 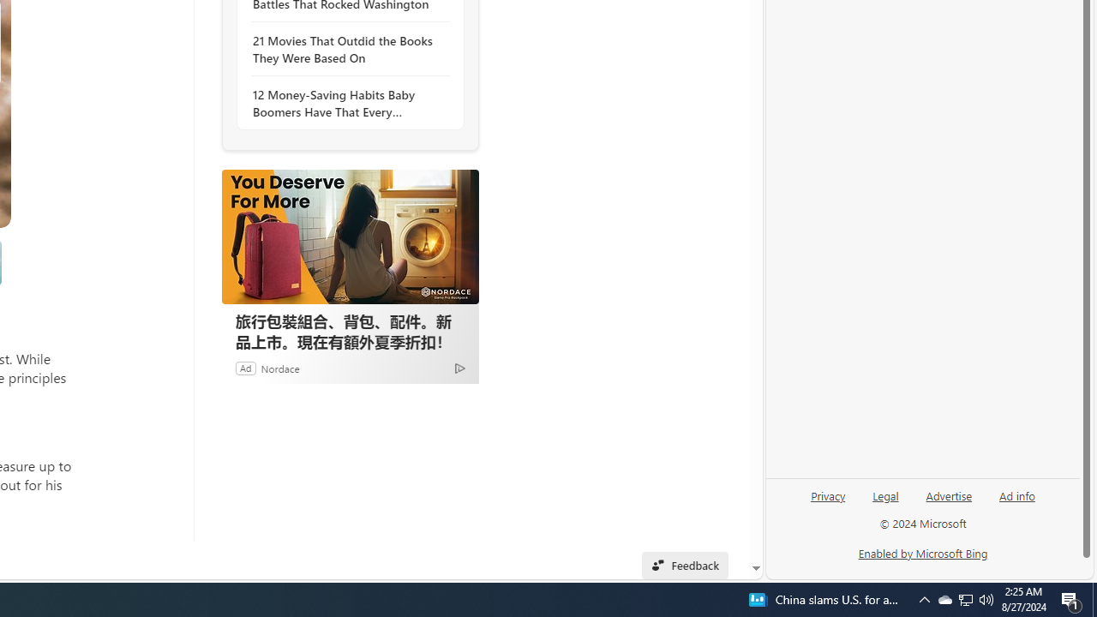 What do you see at coordinates (244, 367) in the screenshot?
I see `'Ad'` at bounding box center [244, 367].